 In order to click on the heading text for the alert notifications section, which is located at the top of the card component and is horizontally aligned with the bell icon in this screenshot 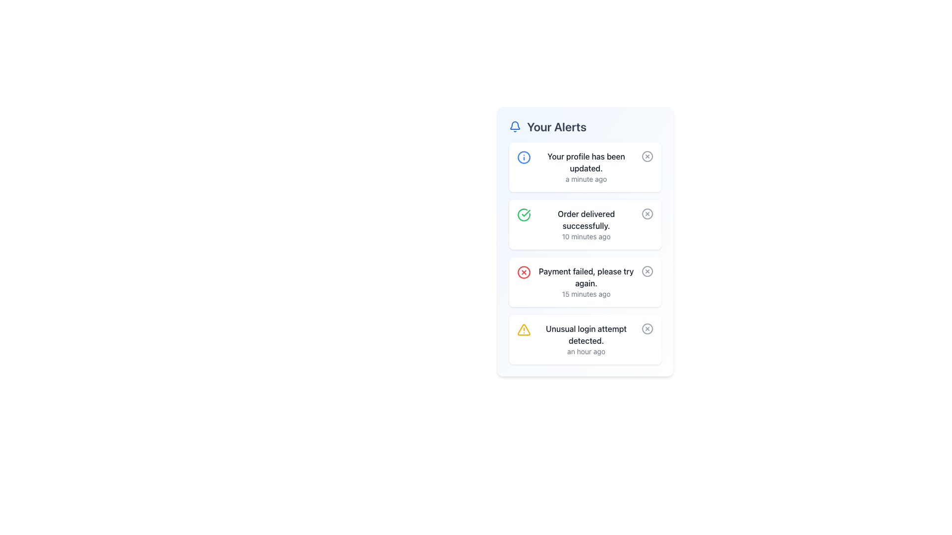, I will do `click(585, 126)`.